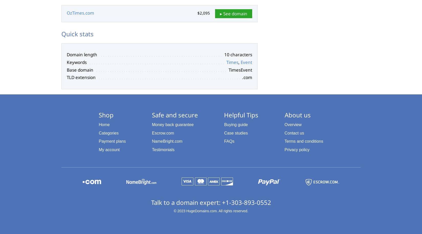  I want to click on 'Keywords', so click(76, 62).